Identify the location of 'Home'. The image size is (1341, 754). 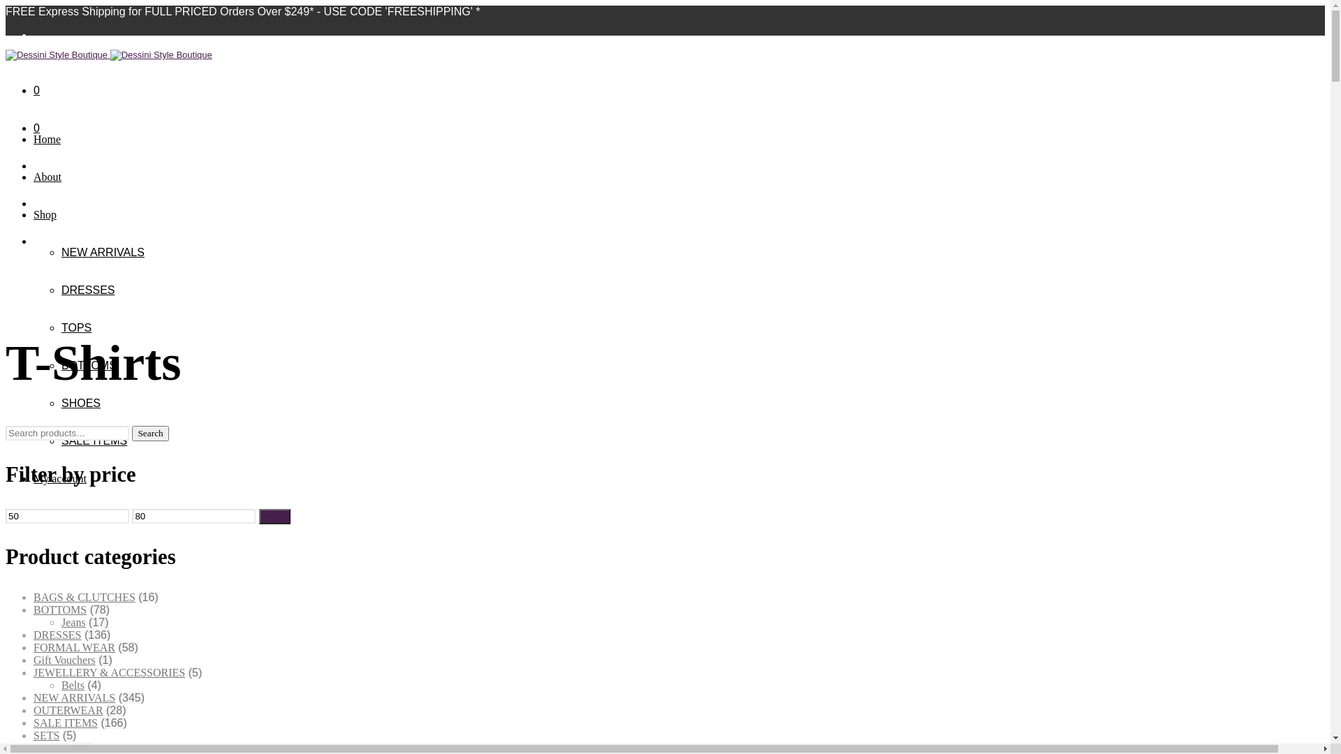
(47, 139).